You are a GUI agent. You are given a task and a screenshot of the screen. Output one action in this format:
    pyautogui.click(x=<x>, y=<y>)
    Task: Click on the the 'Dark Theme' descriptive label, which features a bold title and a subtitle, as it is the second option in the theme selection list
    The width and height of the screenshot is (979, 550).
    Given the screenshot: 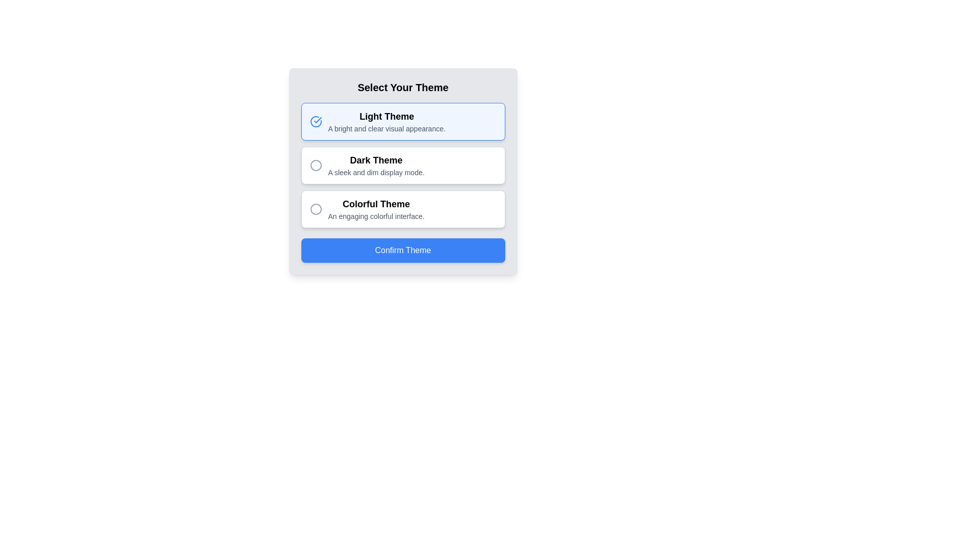 What is the action you would take?
    pyautogui.click(x=376, y=164)
    